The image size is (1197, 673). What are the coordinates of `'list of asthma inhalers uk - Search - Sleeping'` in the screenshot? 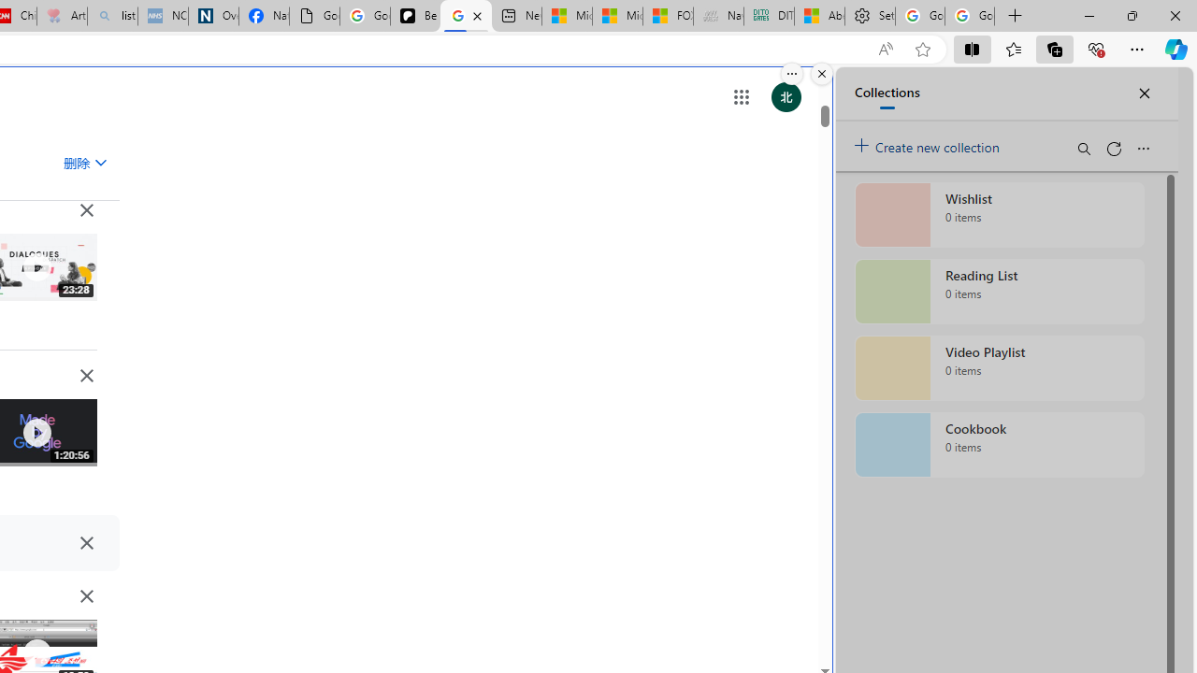 It's located at (111, 16).